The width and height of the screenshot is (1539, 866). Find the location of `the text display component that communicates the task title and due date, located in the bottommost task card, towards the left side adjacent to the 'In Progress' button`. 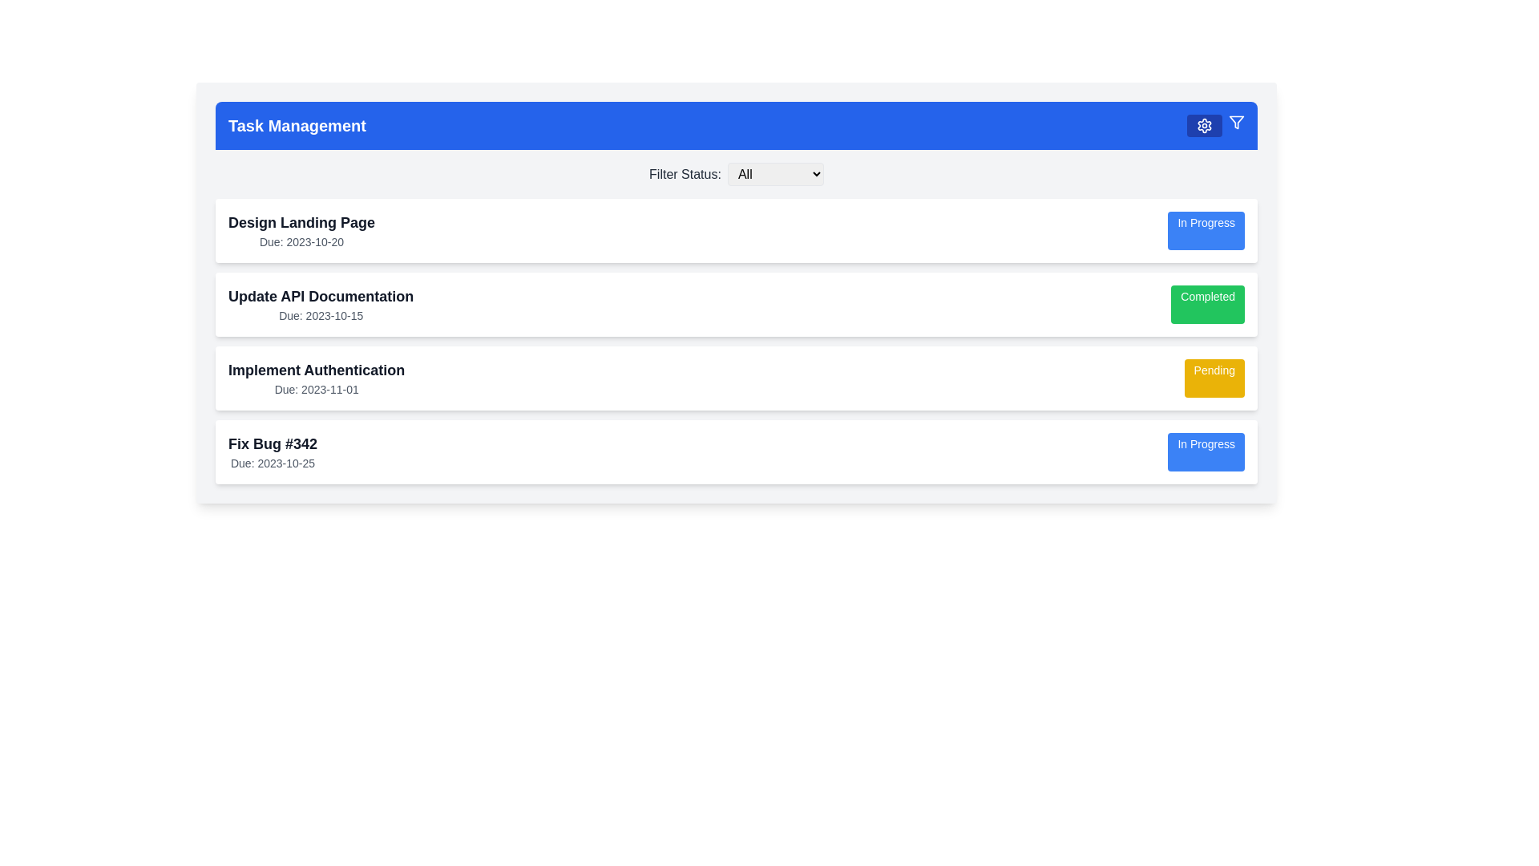

the text display component that communicates the task title and due date, located in the bottommost task card, towards the left side adjacent to the 'In Progress' button is located at coordinates (273, 451).